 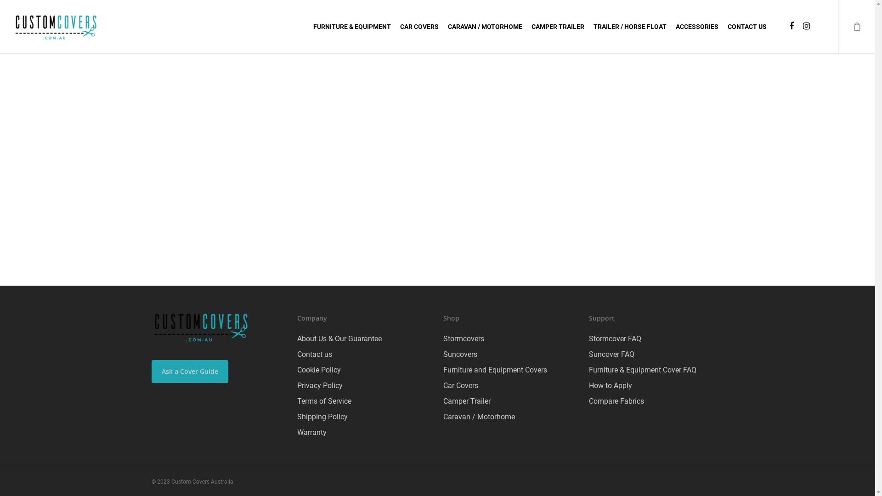 What do you see at coordinates (656, 386) in the screenshot?
I see `'How to Apply'` at bounding box center [656, 386].